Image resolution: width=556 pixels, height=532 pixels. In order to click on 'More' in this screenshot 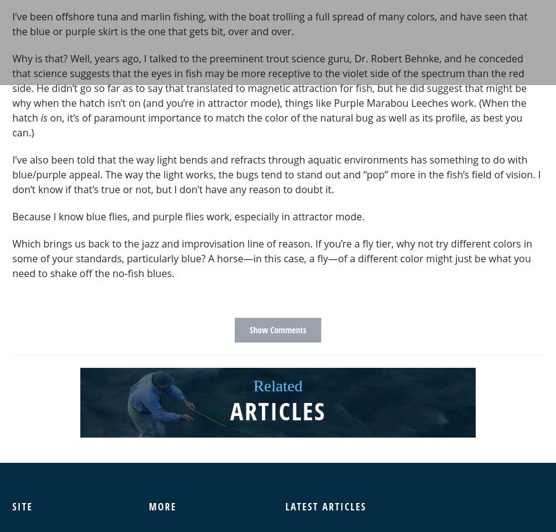, I will do `click(161, 505)`.